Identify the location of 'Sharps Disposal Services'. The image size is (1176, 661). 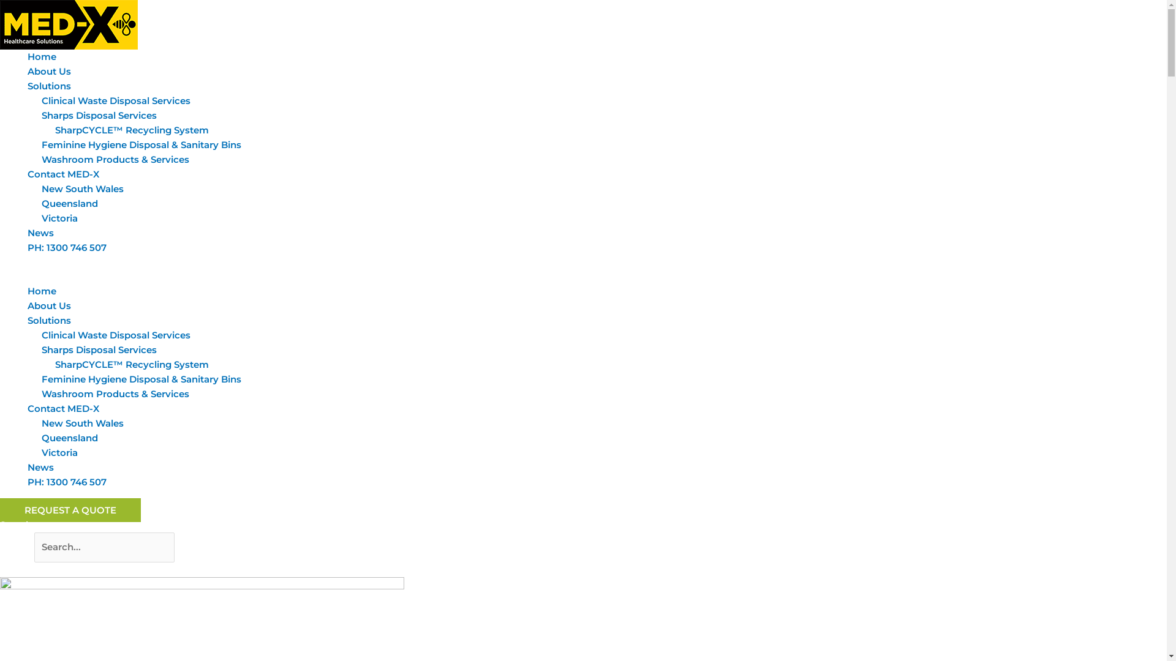
(99, 115).